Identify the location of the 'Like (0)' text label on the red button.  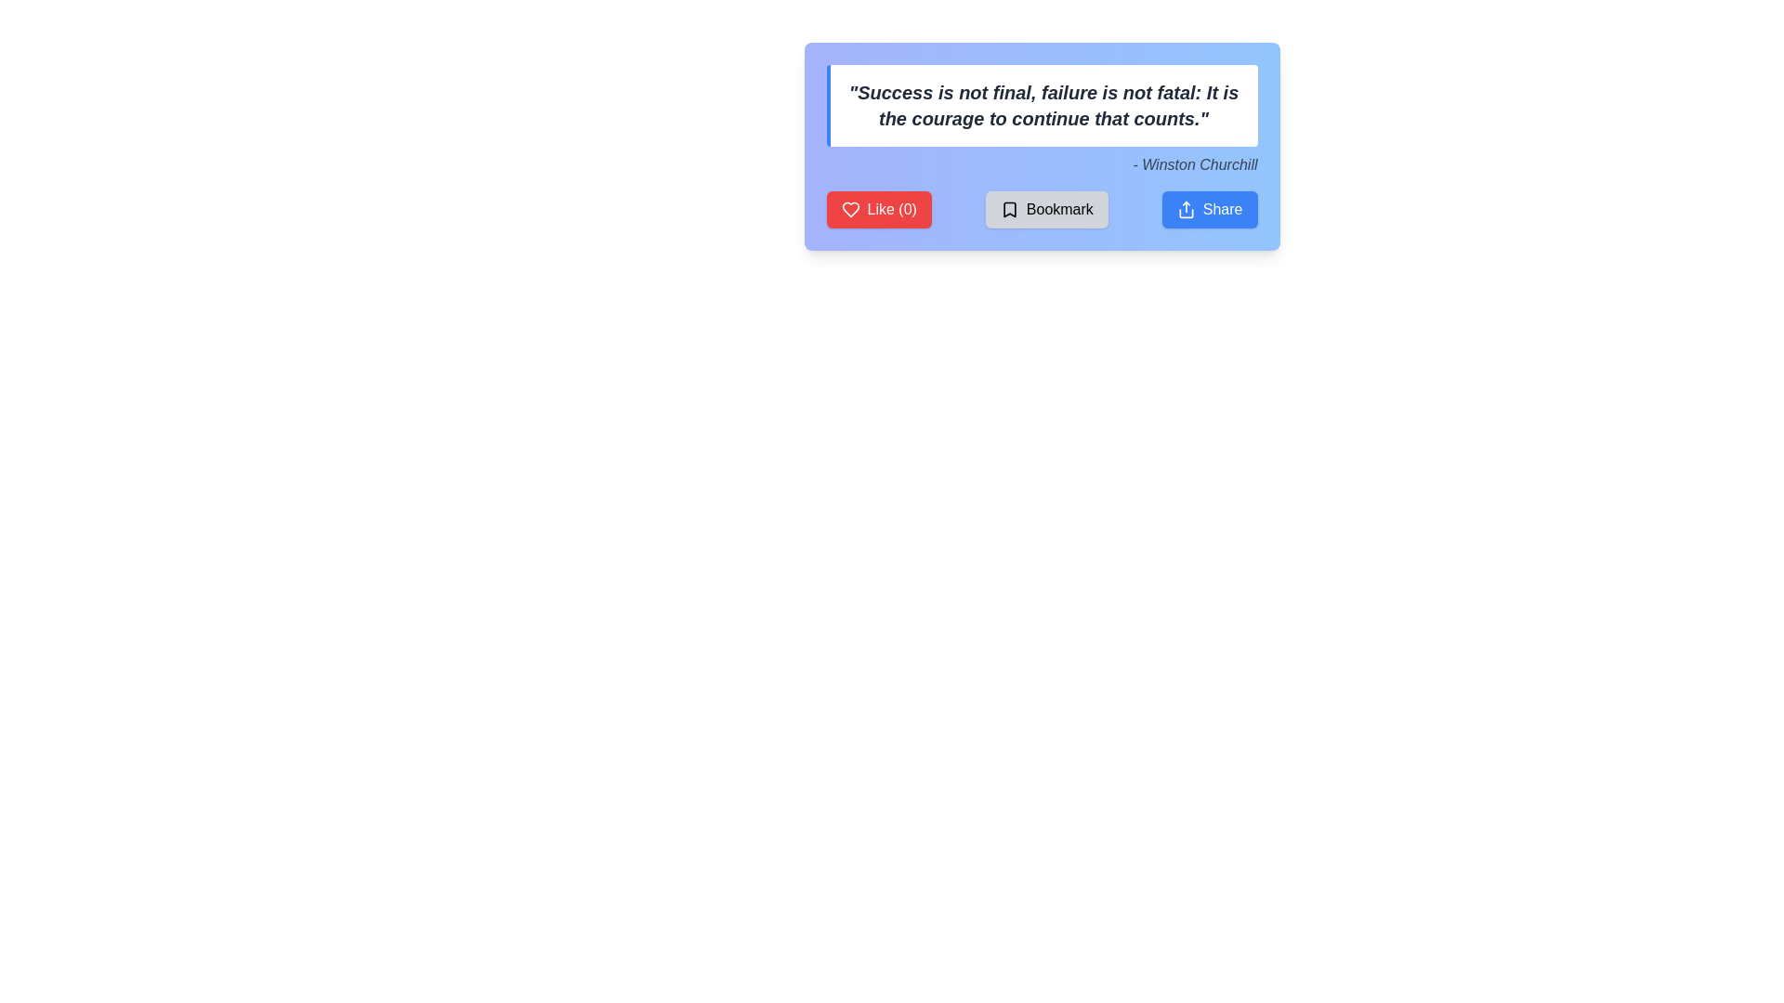
(892, 209).